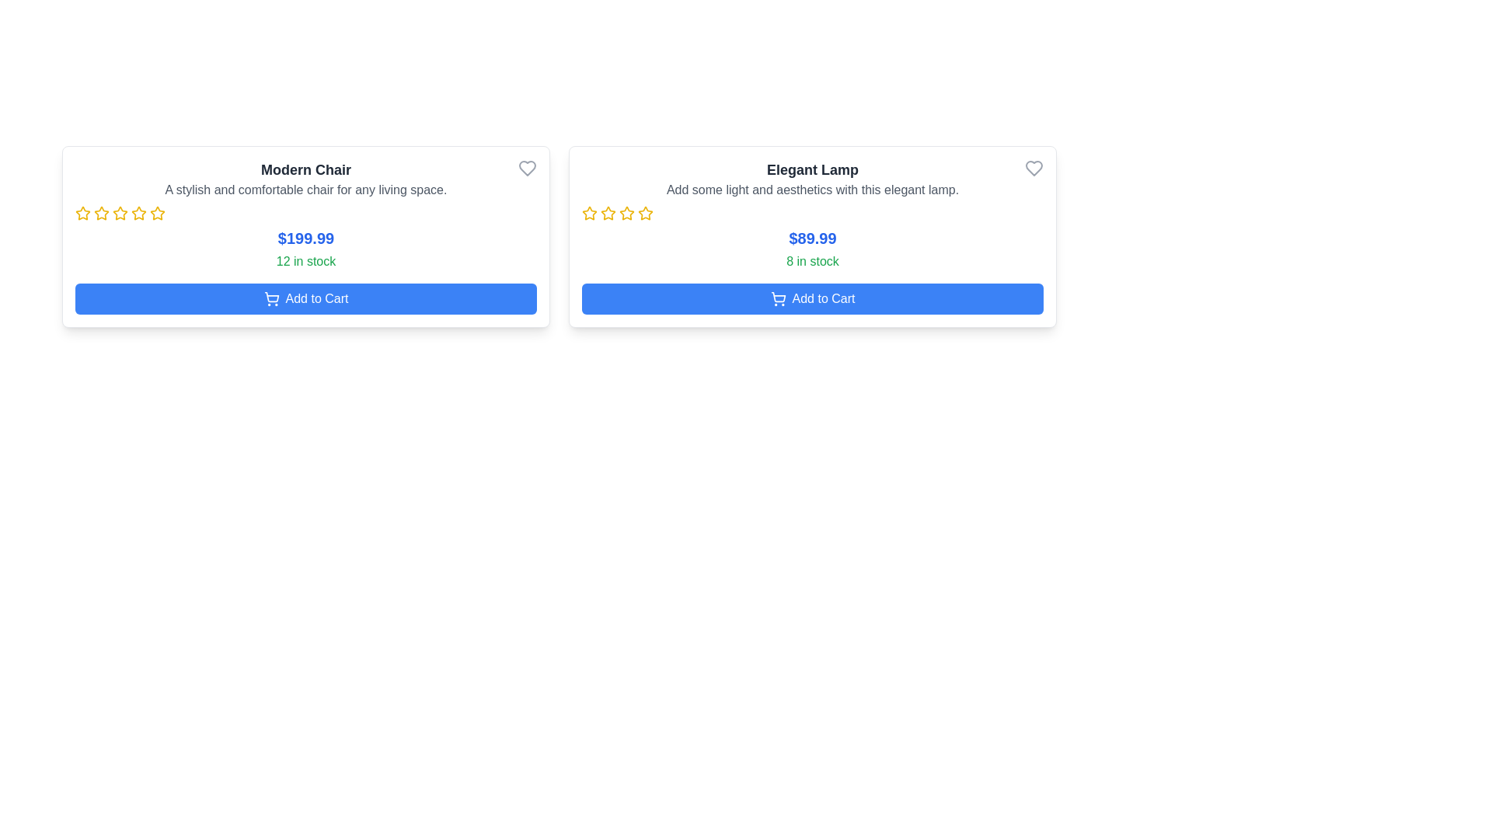 The height and width of the screenshot is (839, 1492). What do you see at coordinates (305, 238) in the screenshot?
I see `the price label for the 'Modern Chair' product, which is located below the item description and rating stars, and above the stock availability message` at bounding box center [305, 238].